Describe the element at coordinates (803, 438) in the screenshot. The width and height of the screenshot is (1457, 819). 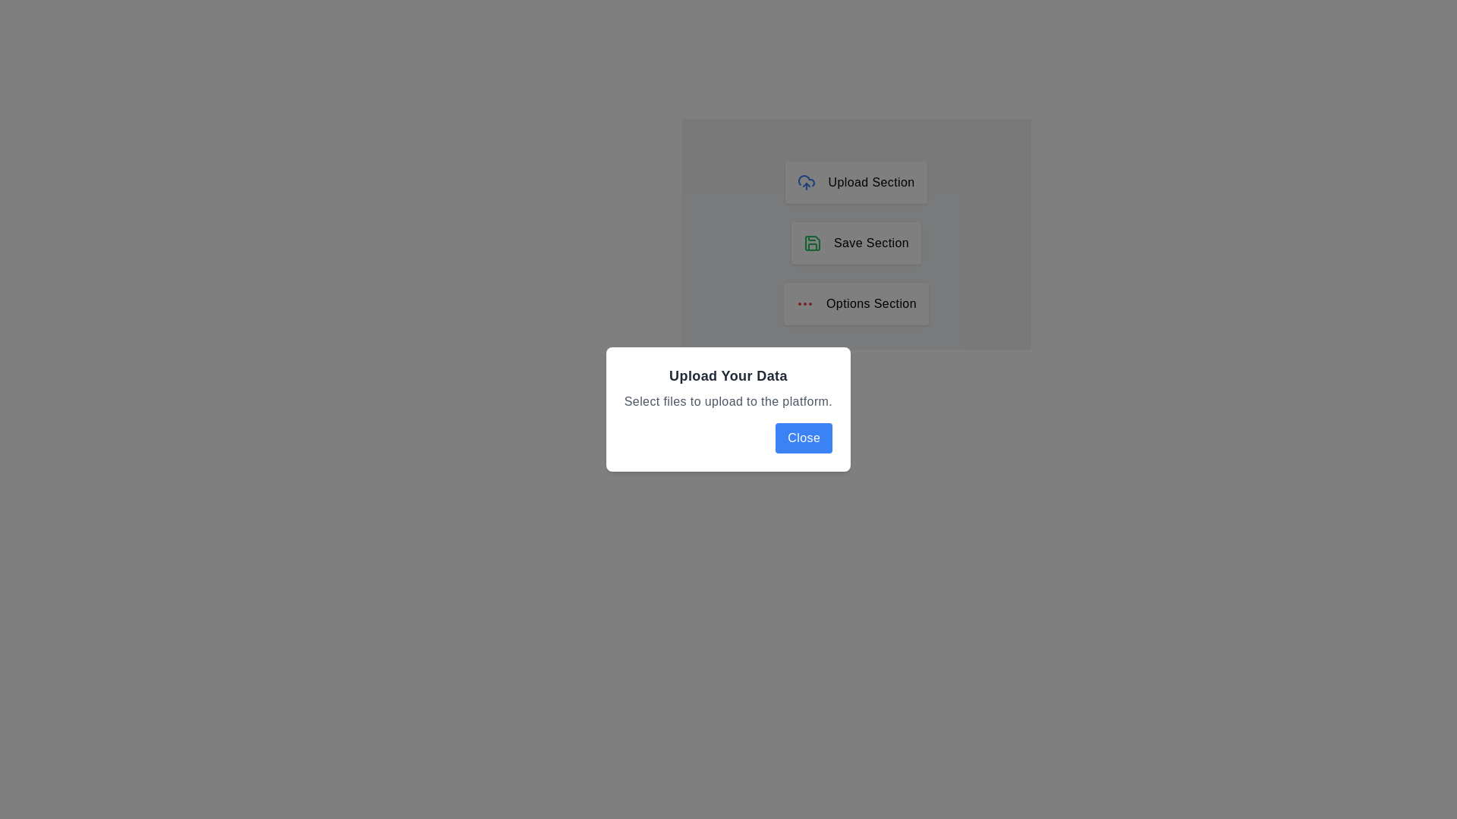
I see `the close button located in the bottom-right corner of the dialog box to observe the hover effect` at that location.